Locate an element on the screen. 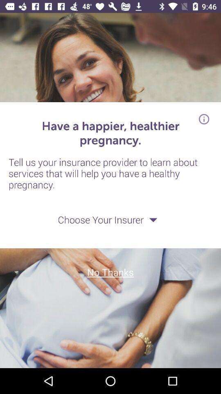 This screenshot has width=221, height=394. the info icon is located at coordinates (203, 119).